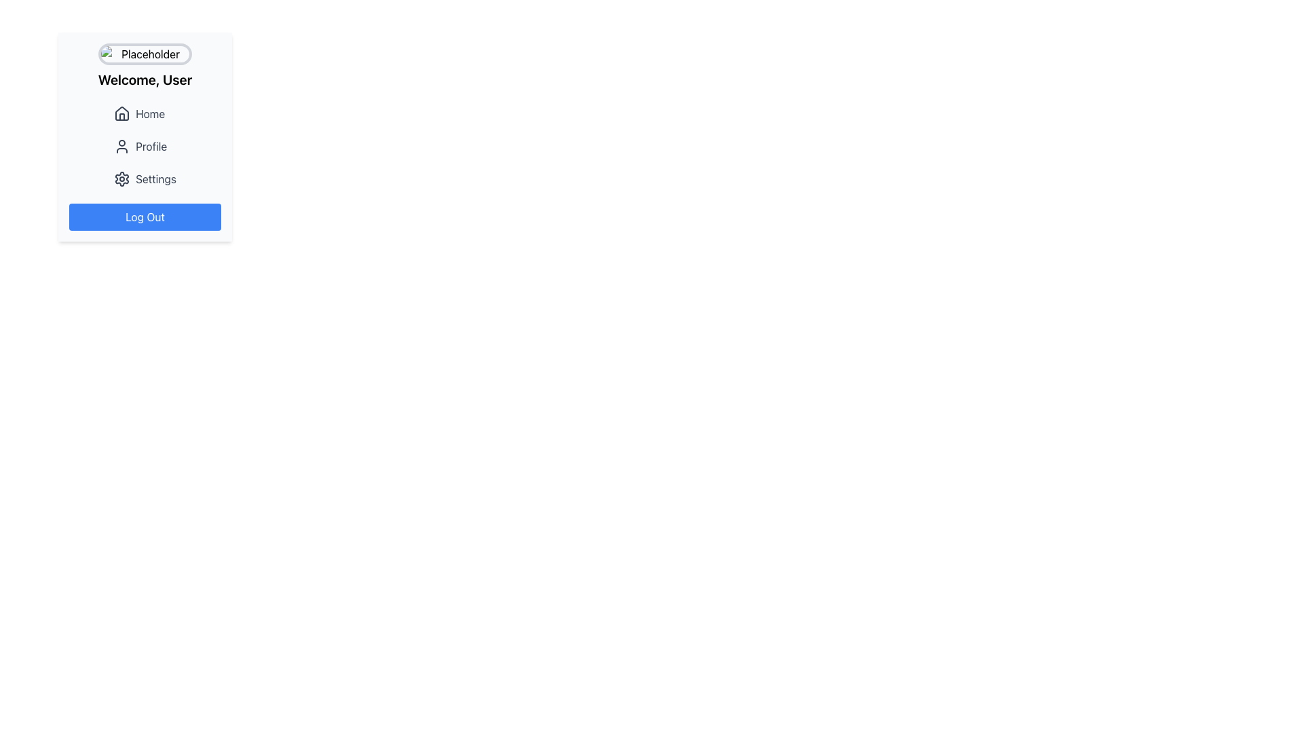 The width and height of the screenshot is (1303, 733). What do you see at coordinates (145, 147) in the screenshot?
I see `the navigation button located between the 'Home' and 'Settings' menu items in the sidebar to observe the hover effect` at bounding box center [145, 147].